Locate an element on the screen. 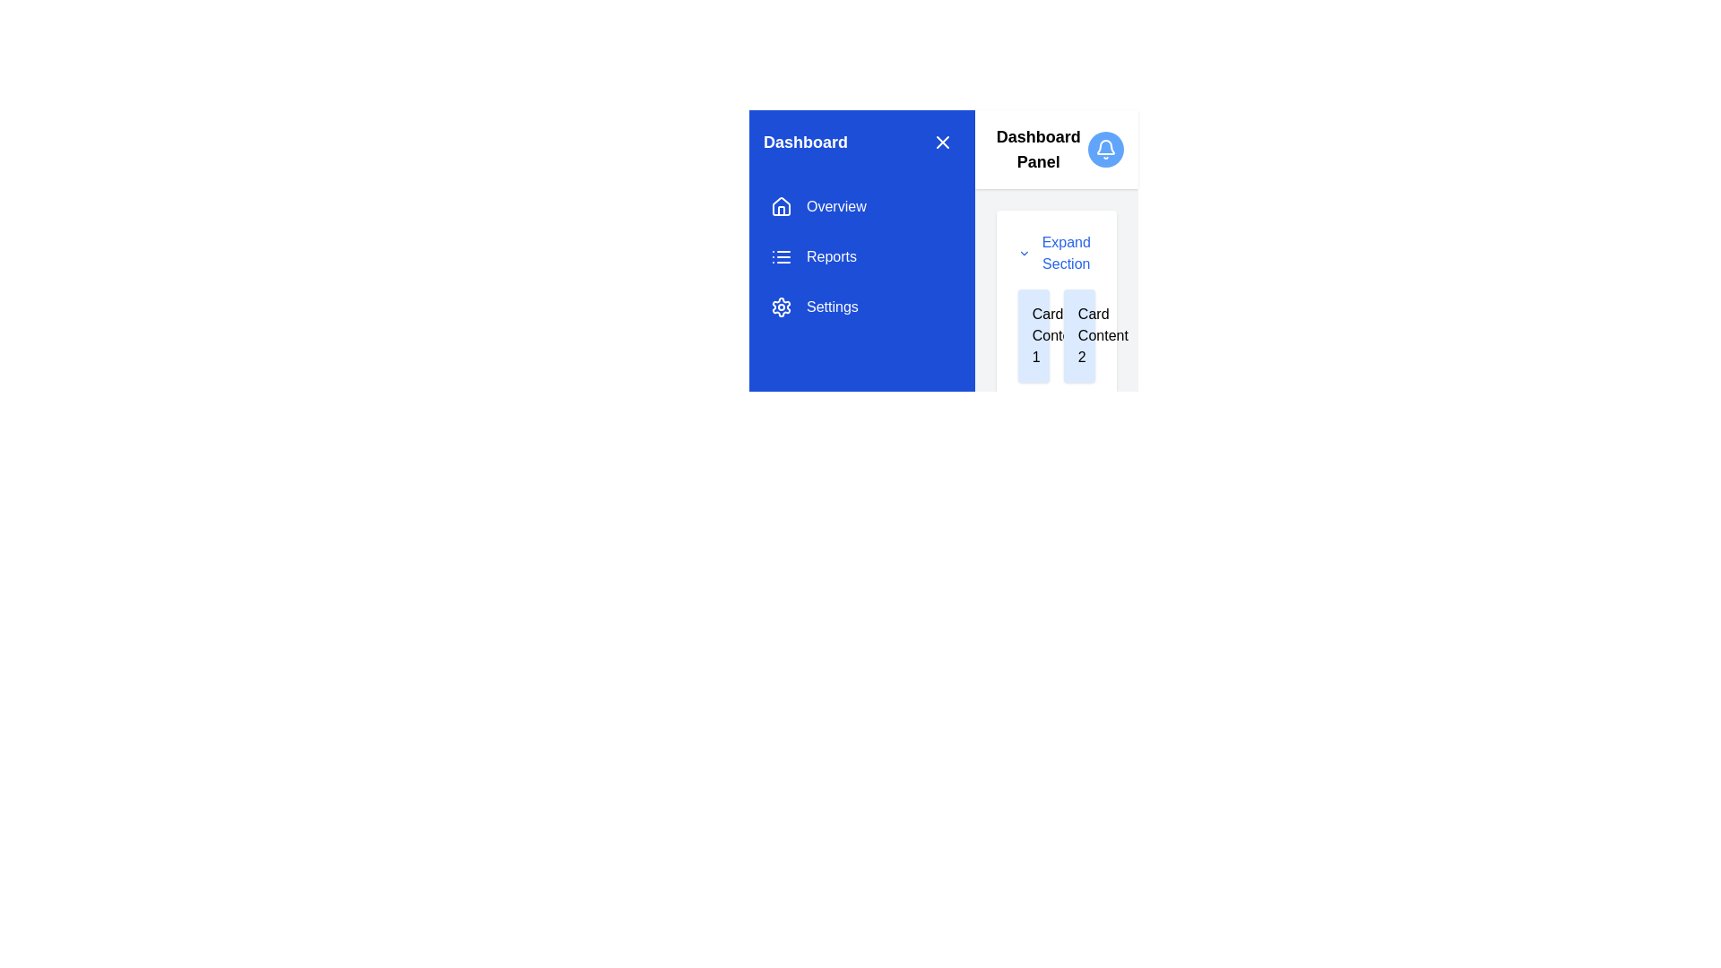 The width and height of the screenshot is (1721, 968). the chevron icon to the left of the 'Expand Section' text within the 'Dashboard Panel' is located at coordinates (1024, 253).